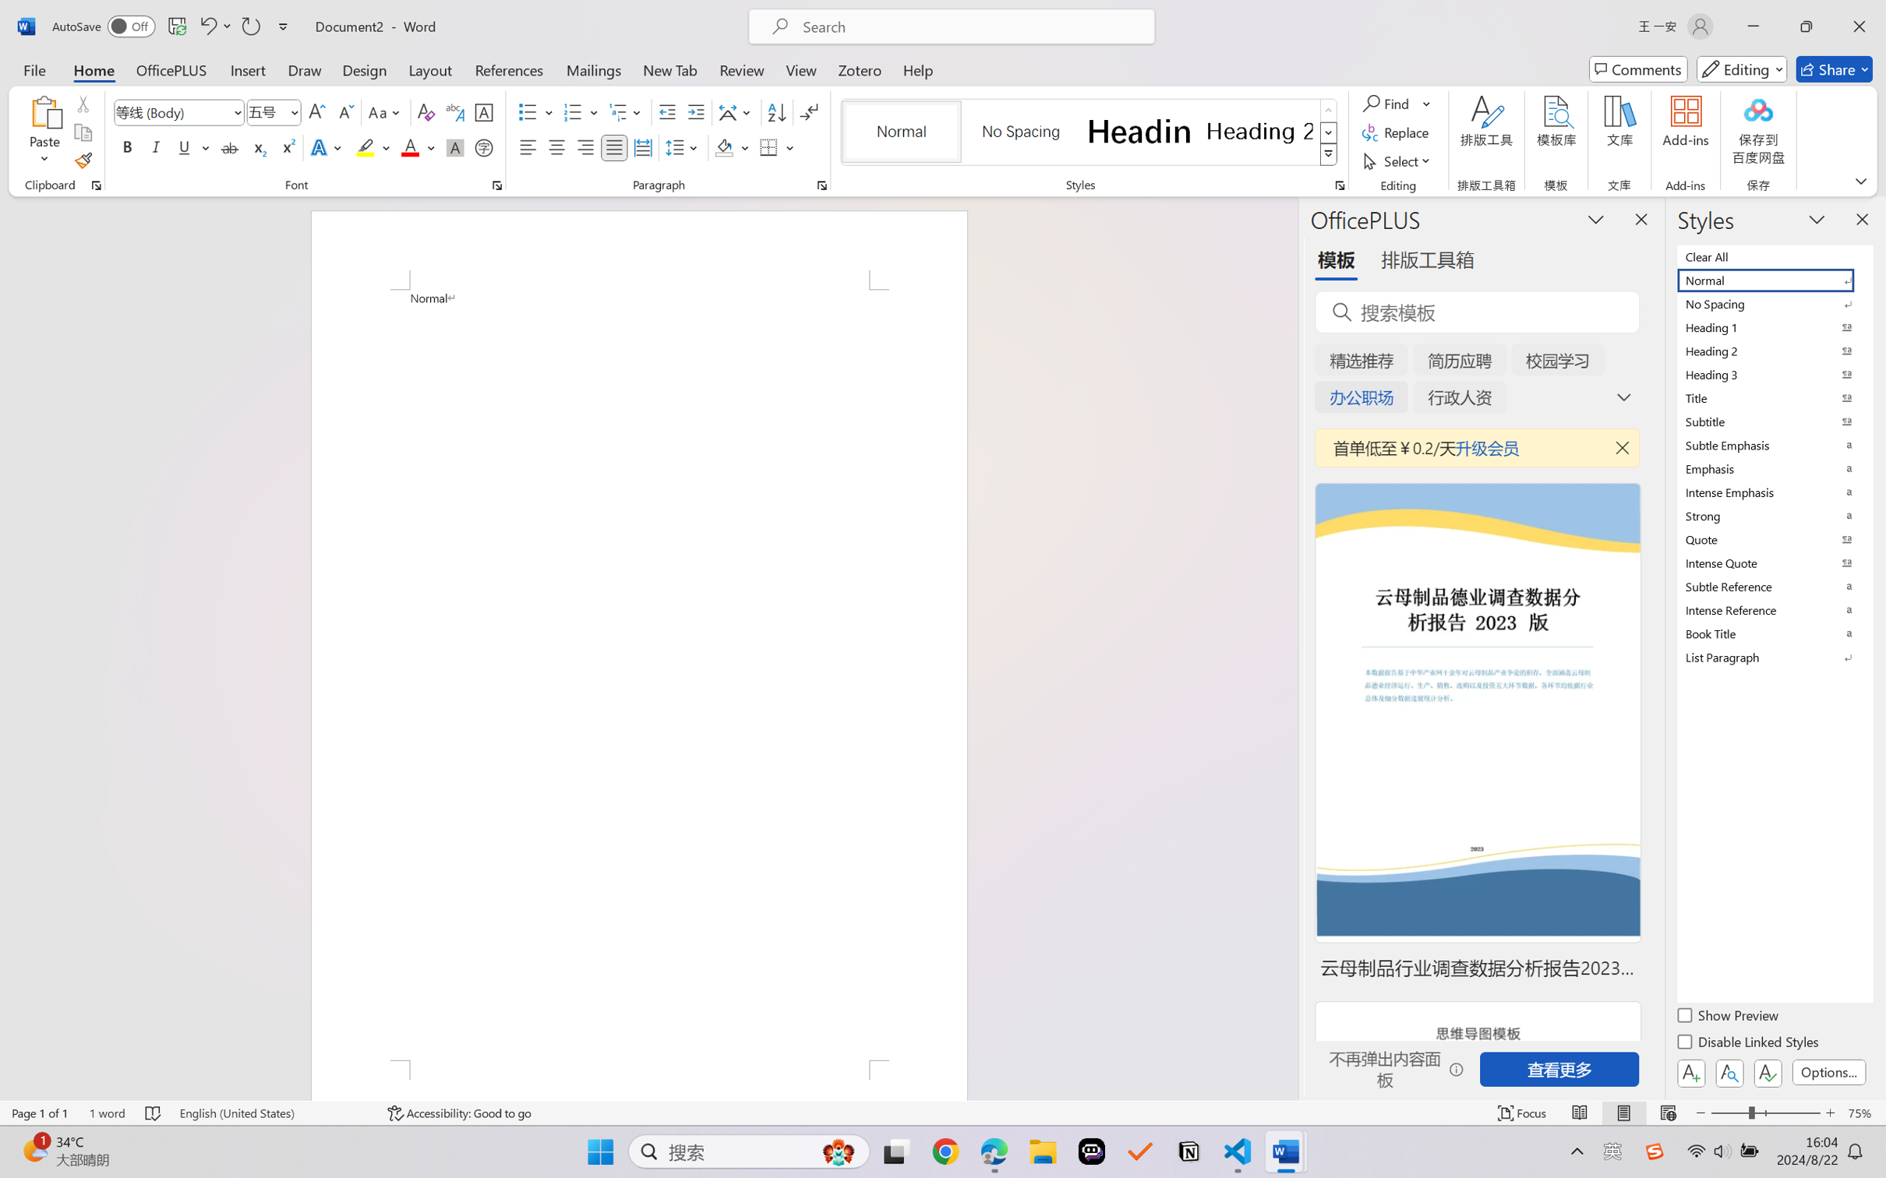  What do you see at coordinates (528, 112) in the screenshot?
I see `'Bullets'` at bounding box center [528, 112].